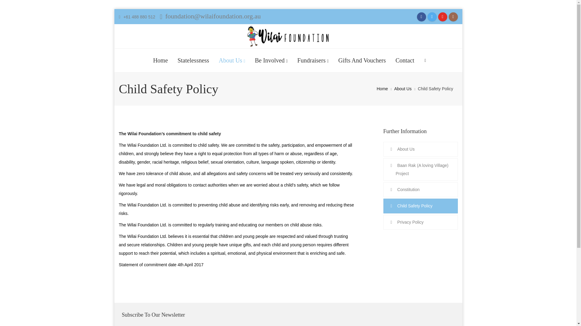 The height and width of the screenshot is (326, 581). I want to click on 'Statelessness', so click(193, 60).